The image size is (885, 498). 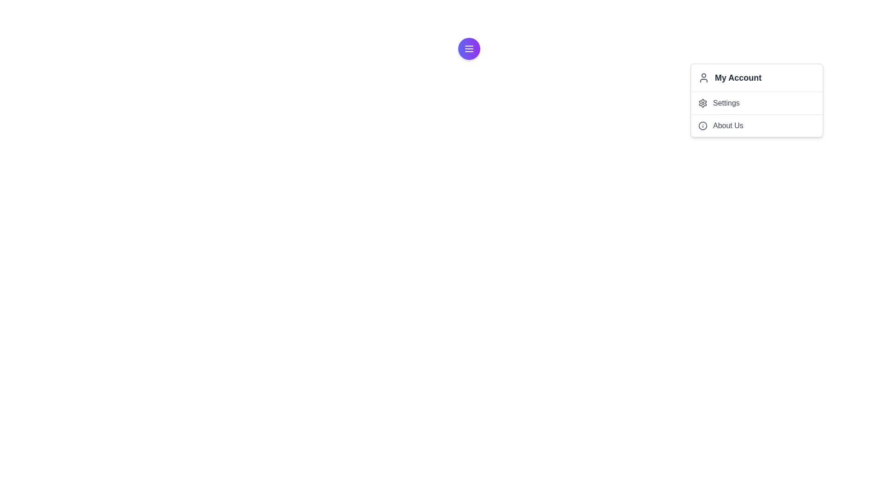 I want to click on the 'Settings' dropdown menu option, which is the second item in the list, located below 'My Account' and above 'About Us', so click(x=756, y=101).